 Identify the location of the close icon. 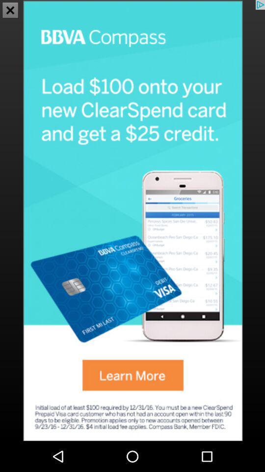
(10, 10).